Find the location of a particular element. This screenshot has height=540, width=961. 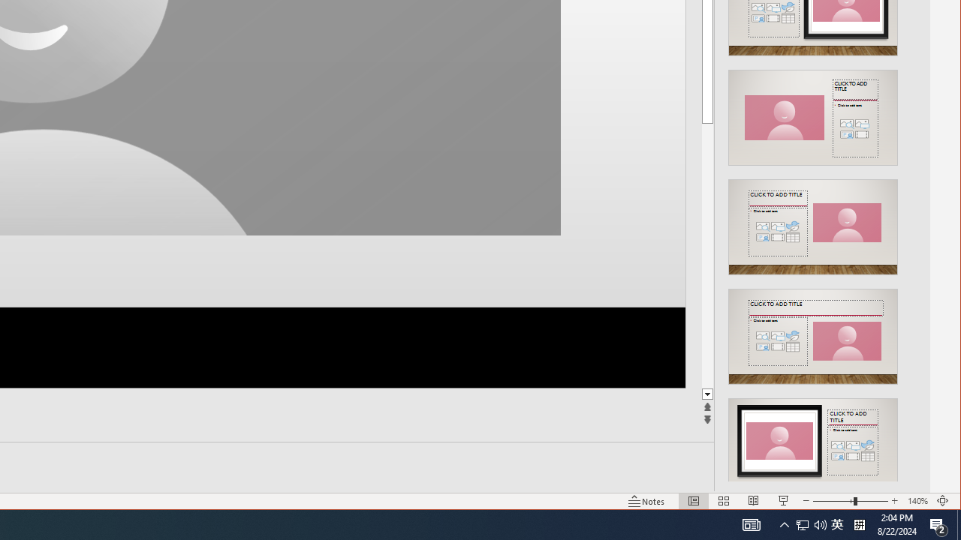

'Q2790: 100%' is located at coordinates (810, 523).